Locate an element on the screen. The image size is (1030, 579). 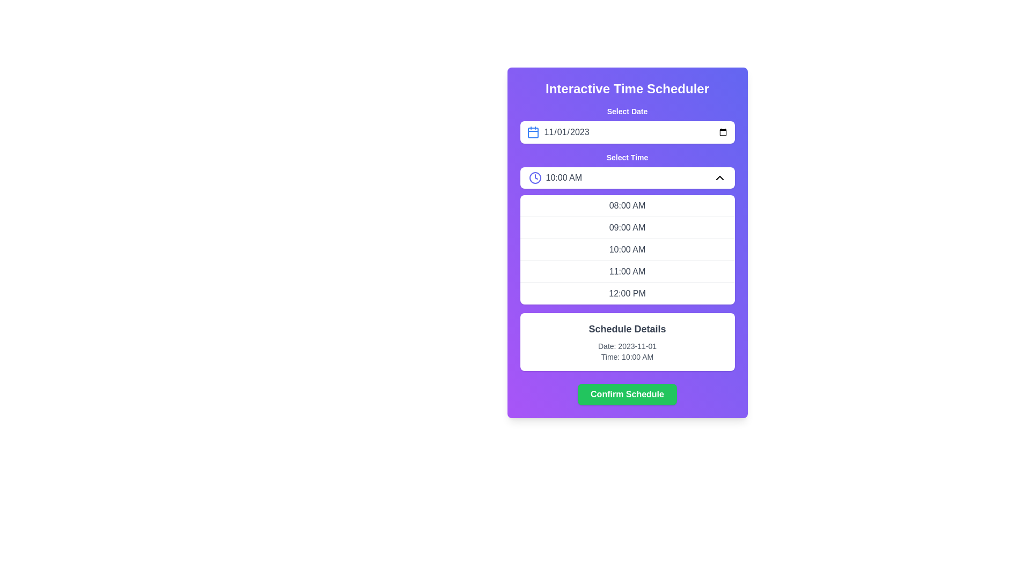
the static text element titled 'Interactive Time Scheduler' is located at coordinates (627, 88).